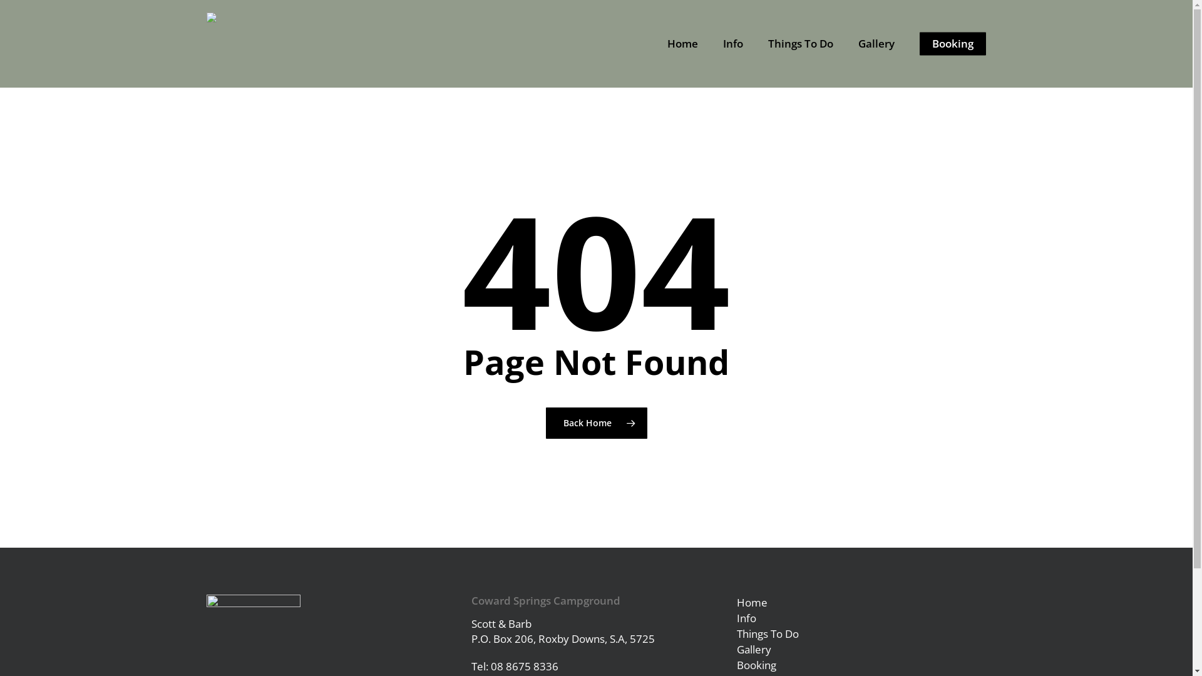  Describe the element at coordinates (861, 617) in the screenshot. I see `'Info'` at that location.